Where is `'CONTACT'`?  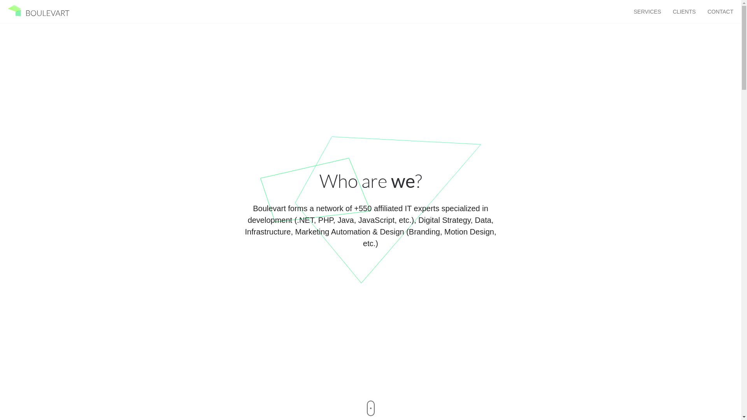
'CONTACT' is located at coordinates (720, 12).